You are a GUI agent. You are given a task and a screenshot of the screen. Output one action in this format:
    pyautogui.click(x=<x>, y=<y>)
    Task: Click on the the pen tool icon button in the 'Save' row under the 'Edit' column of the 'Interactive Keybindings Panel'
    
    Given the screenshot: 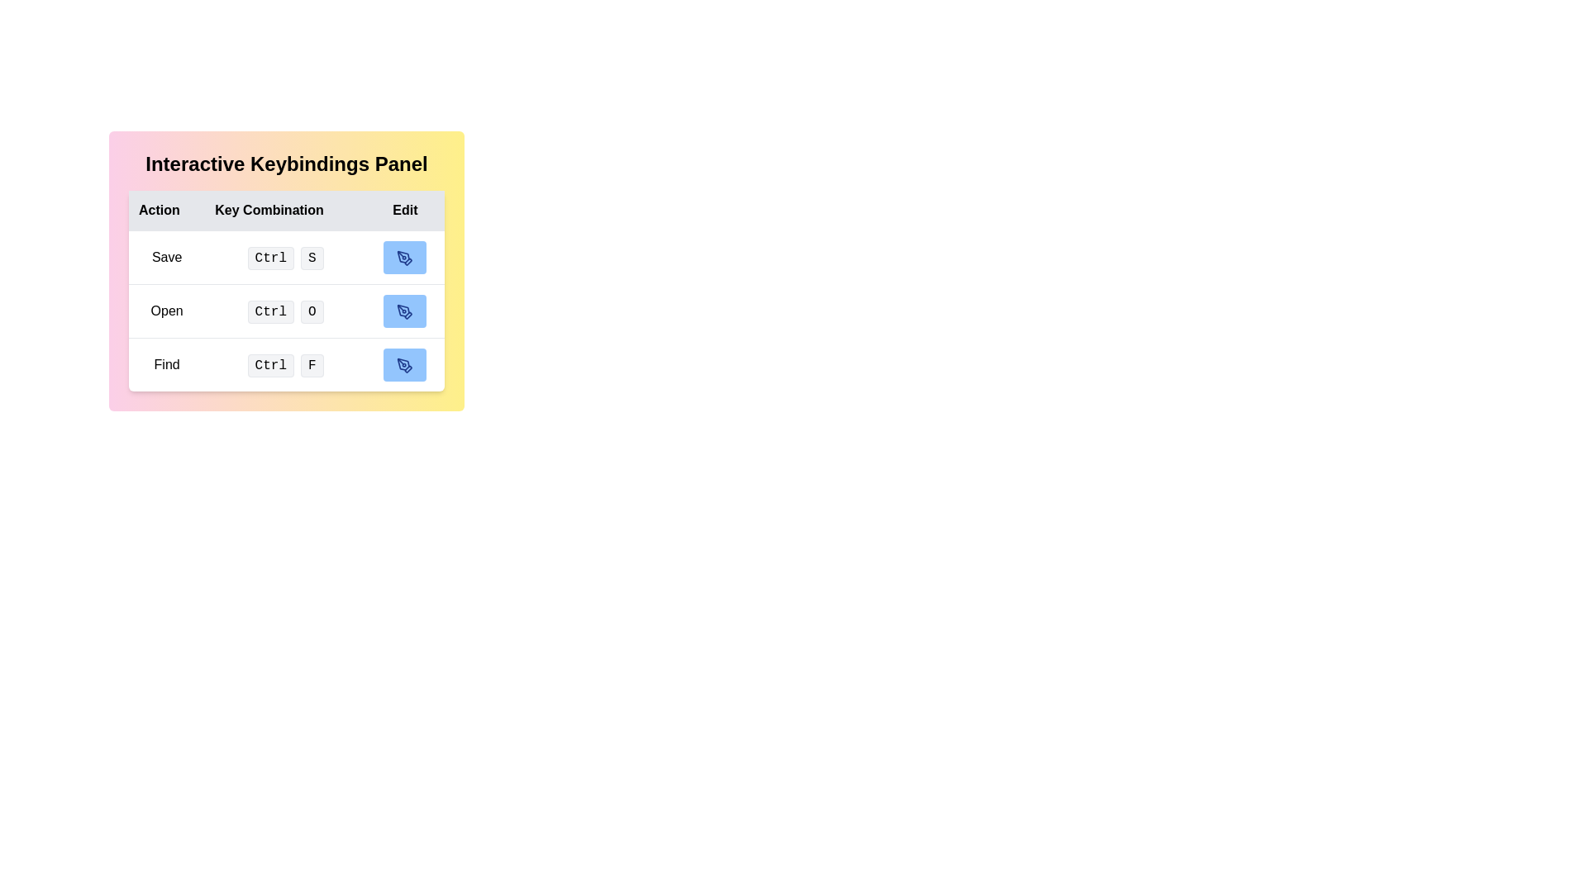 What is the action you would take?
    pyautogui.click(x=405, y=258)
    